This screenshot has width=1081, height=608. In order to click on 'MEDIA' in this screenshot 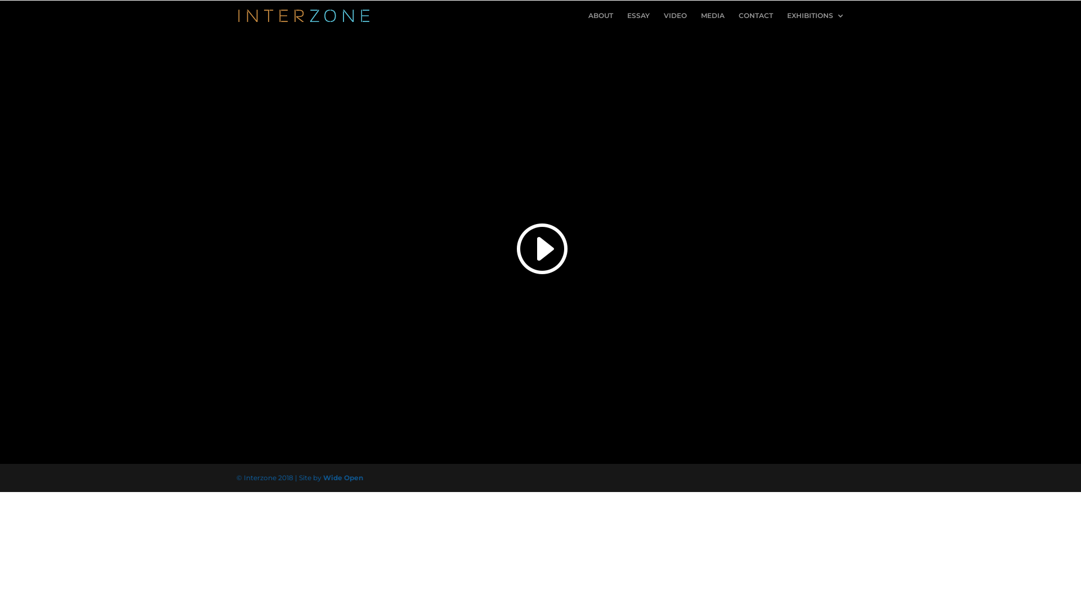, I will do `click(700, 21)`.